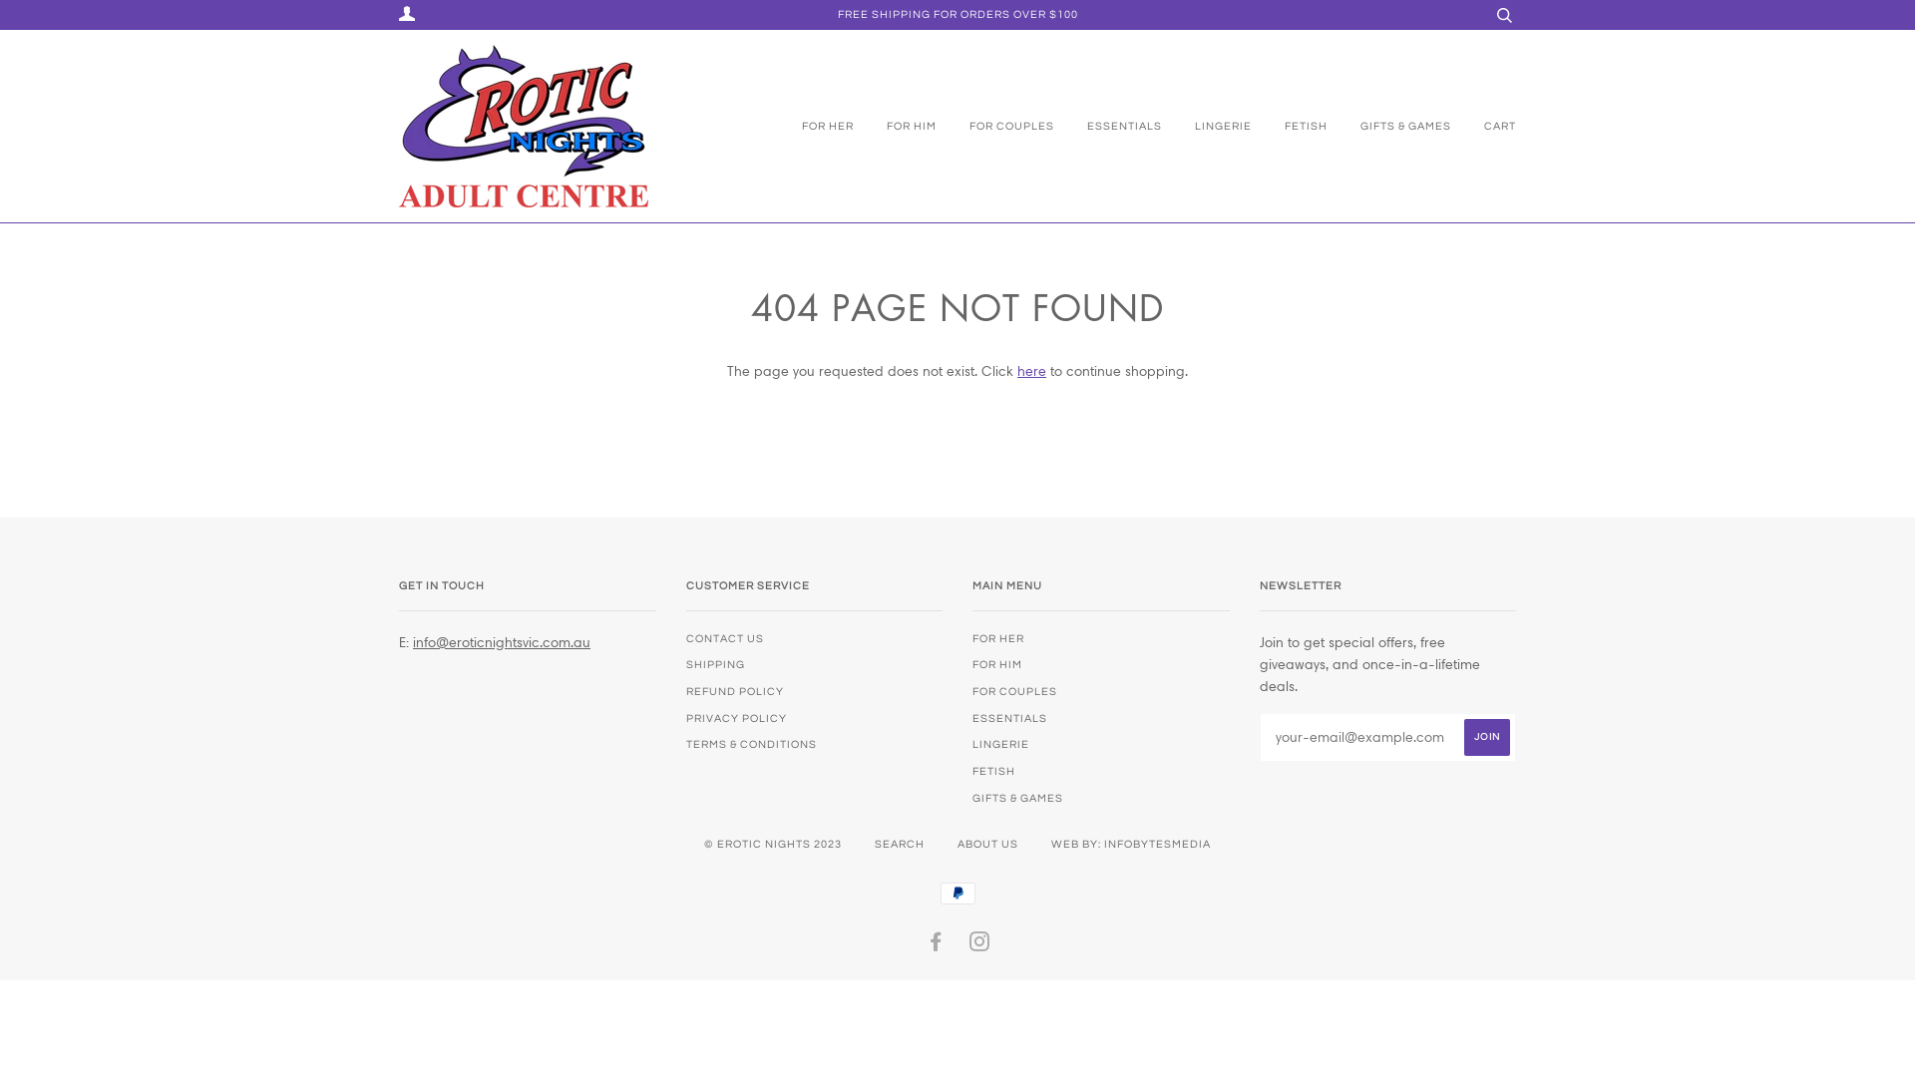  I want to click on 'info@eroticnightsvic.com.au', so click(502, 642).